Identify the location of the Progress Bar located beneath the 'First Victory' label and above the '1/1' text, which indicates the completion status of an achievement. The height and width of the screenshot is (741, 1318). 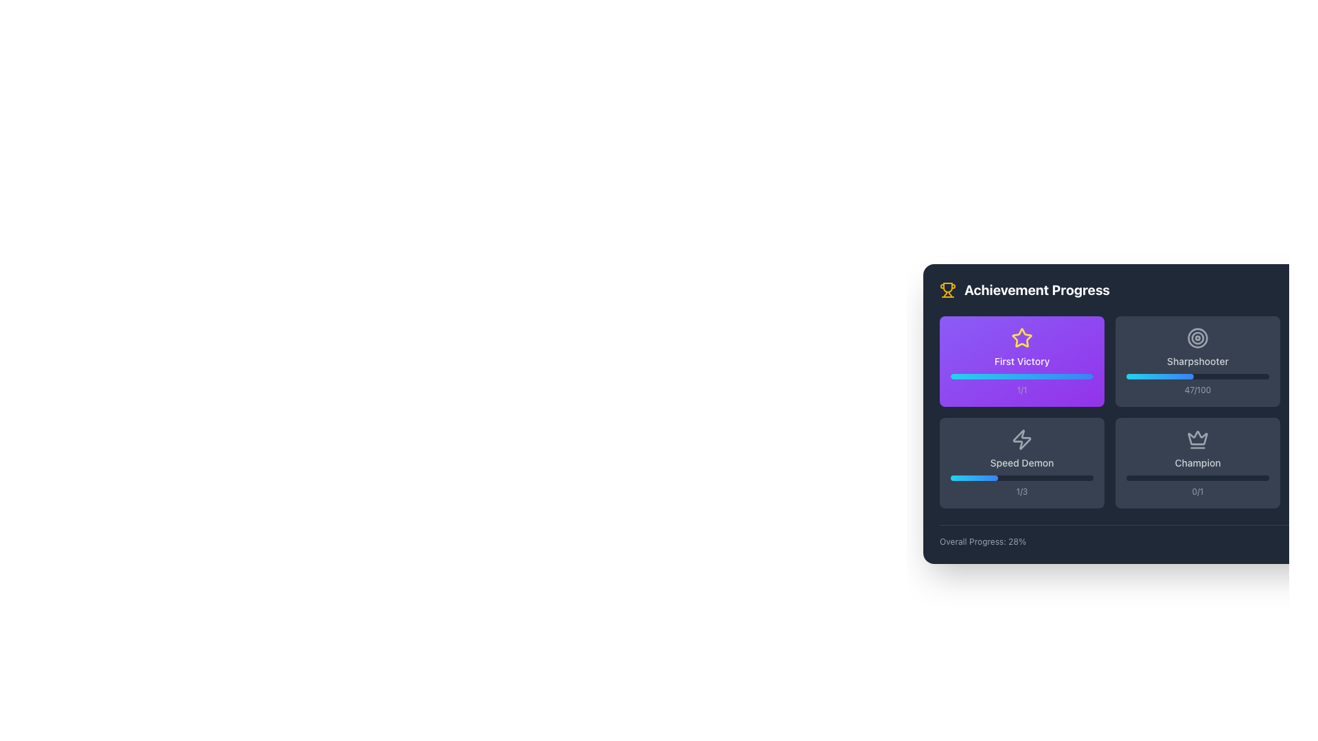
(1021, 376).